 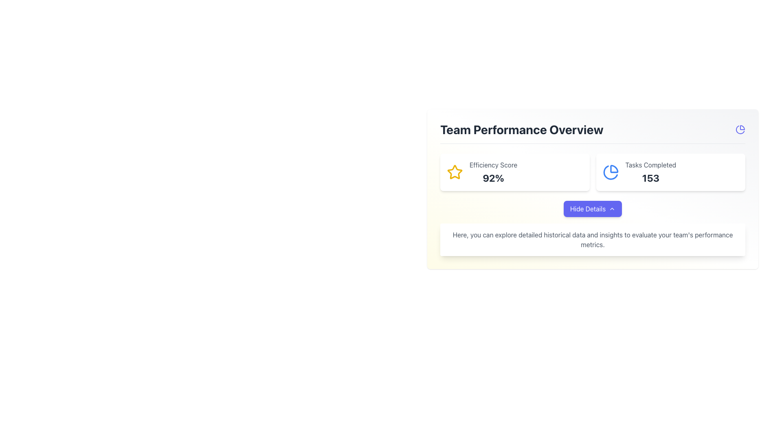 What do you see at coordinates (740, 129) in the screenshot?
I see `the pie chart icon located at the right end of the 'Team Performance Overview' section to interpret its visual representation` at bounding box center [740, 129].